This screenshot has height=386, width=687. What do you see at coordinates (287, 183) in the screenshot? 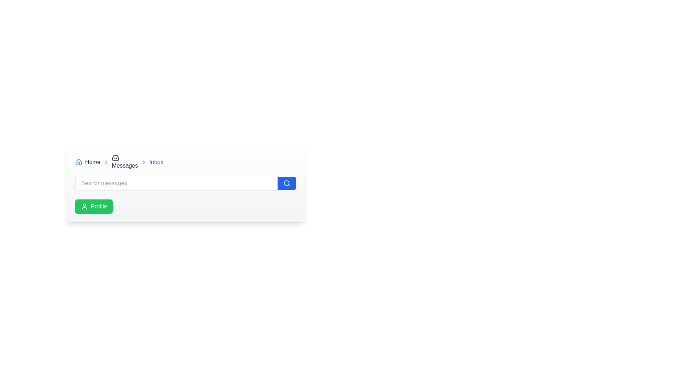
I see `the search icon located at the top-right corner of the interface, embedded within a blue rectangular button` at bounding box center [287, 183].